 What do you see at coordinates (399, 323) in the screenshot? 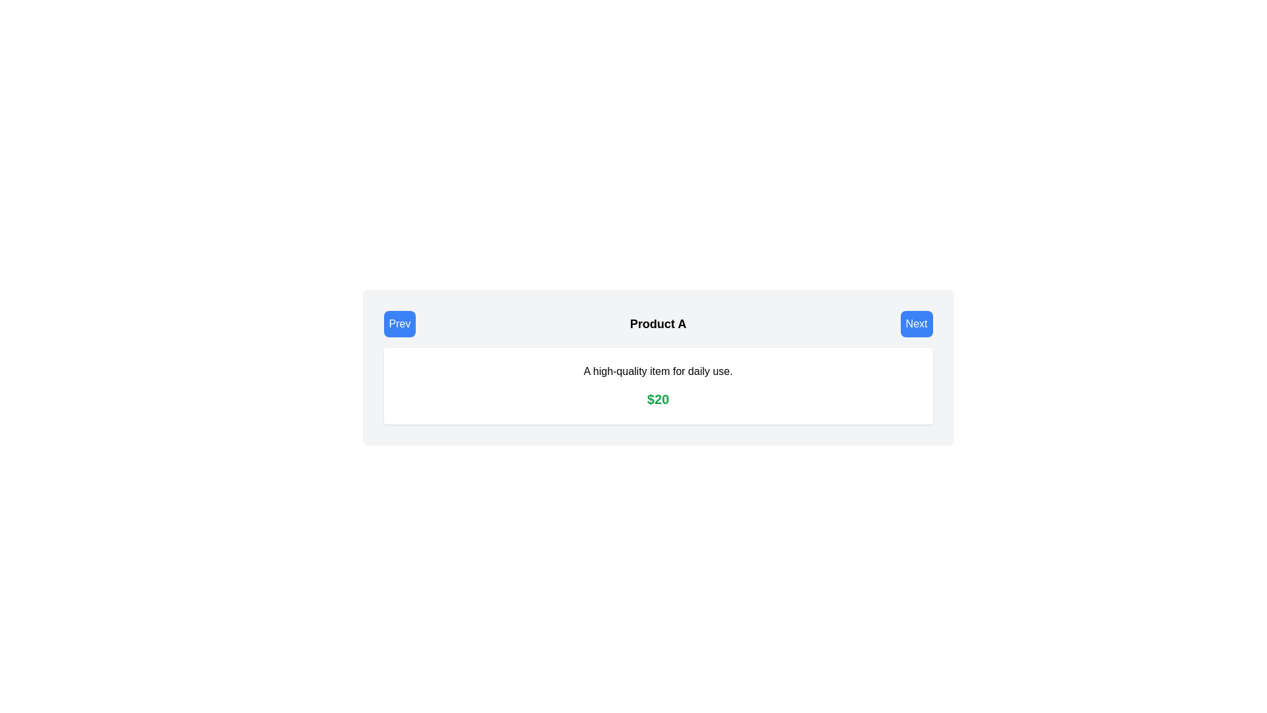
I see `the blue 'Prev' button with white text to observe the visual effect it triggers` at bounding box center [399, 323].